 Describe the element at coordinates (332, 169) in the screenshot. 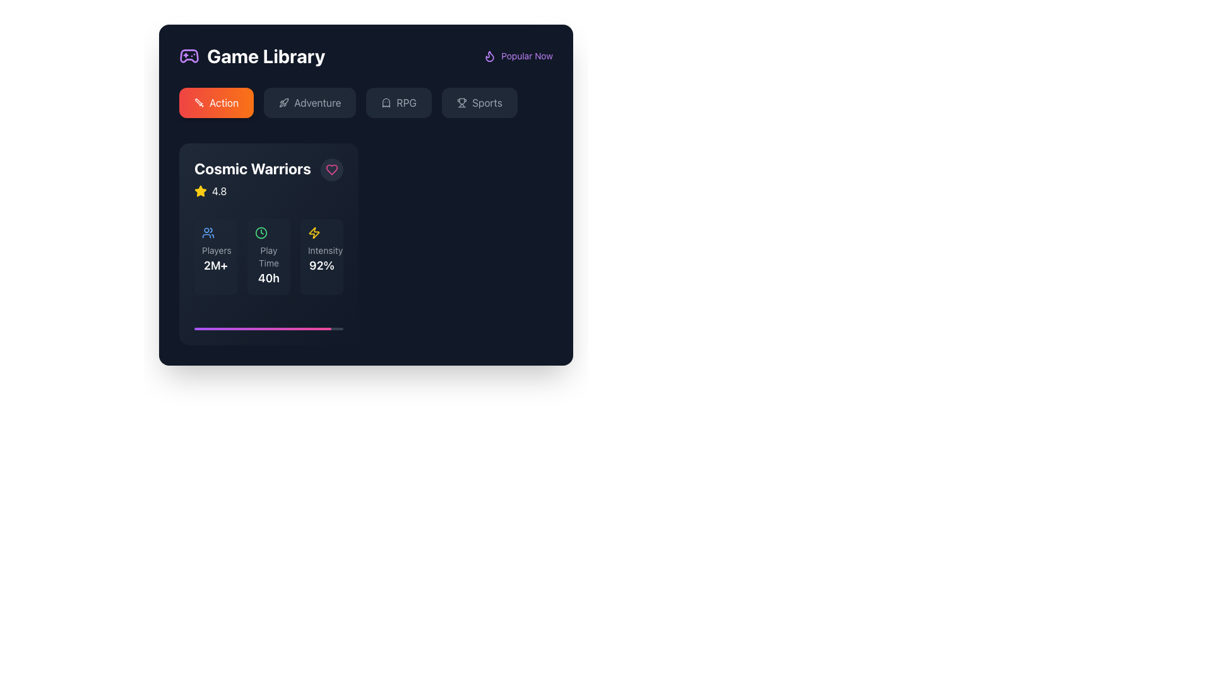

I see `the pink heart icon located in the upper-right corner of the 'Cosmic Warriors' game card` at that location.